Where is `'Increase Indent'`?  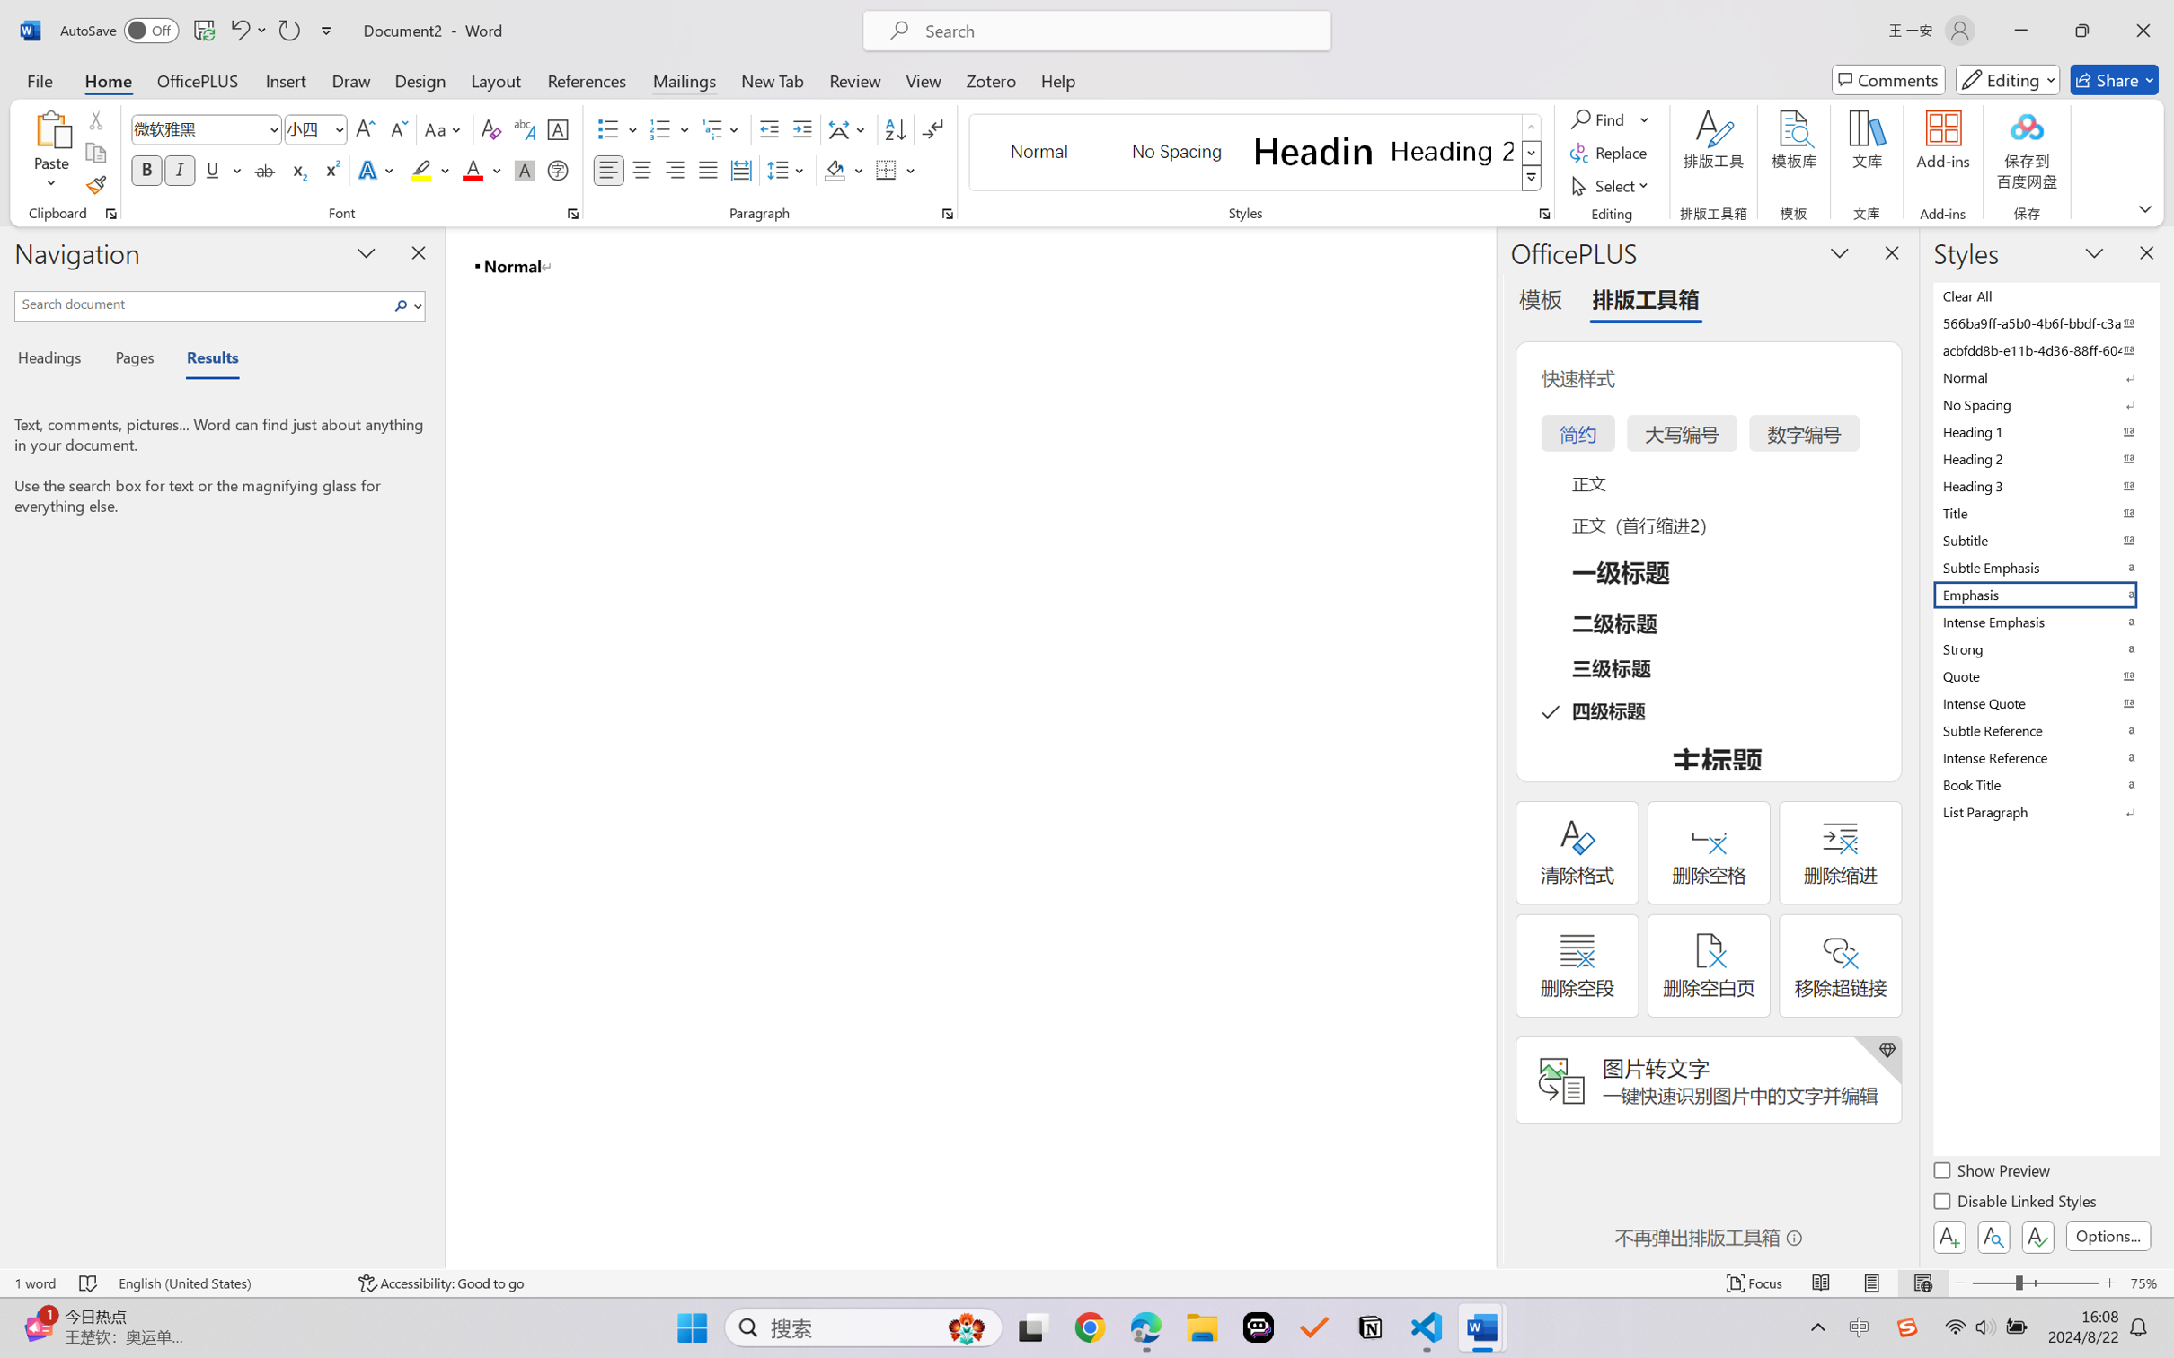
'Increase Indent' is located at coordinates (801, 129).